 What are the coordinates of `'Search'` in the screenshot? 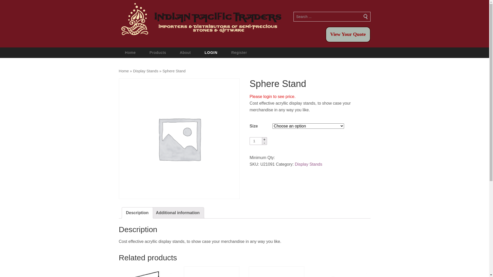 It's located at (370, 12).